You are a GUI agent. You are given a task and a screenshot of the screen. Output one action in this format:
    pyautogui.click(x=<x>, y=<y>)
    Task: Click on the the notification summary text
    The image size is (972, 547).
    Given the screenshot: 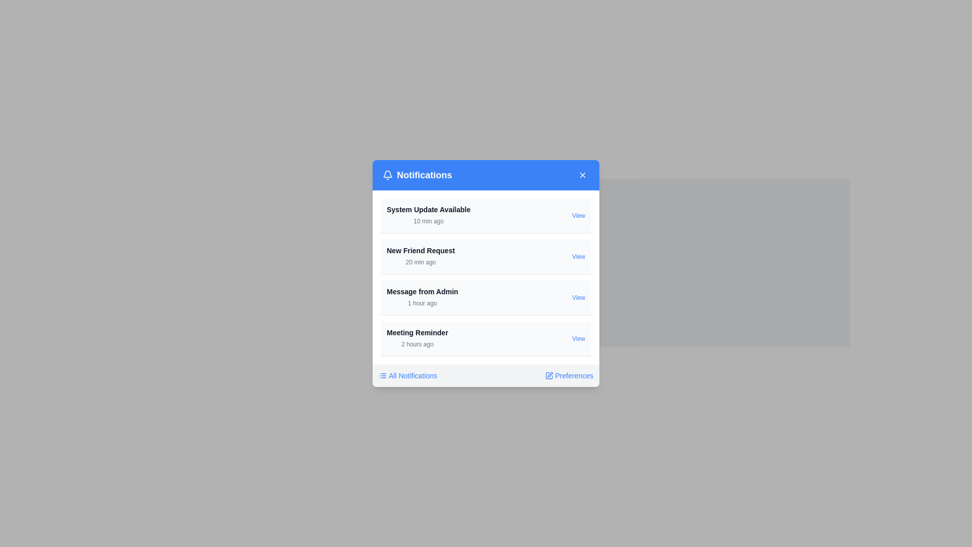 What is the action you would take?
    pyautogui.click(x=422, y=297)
    